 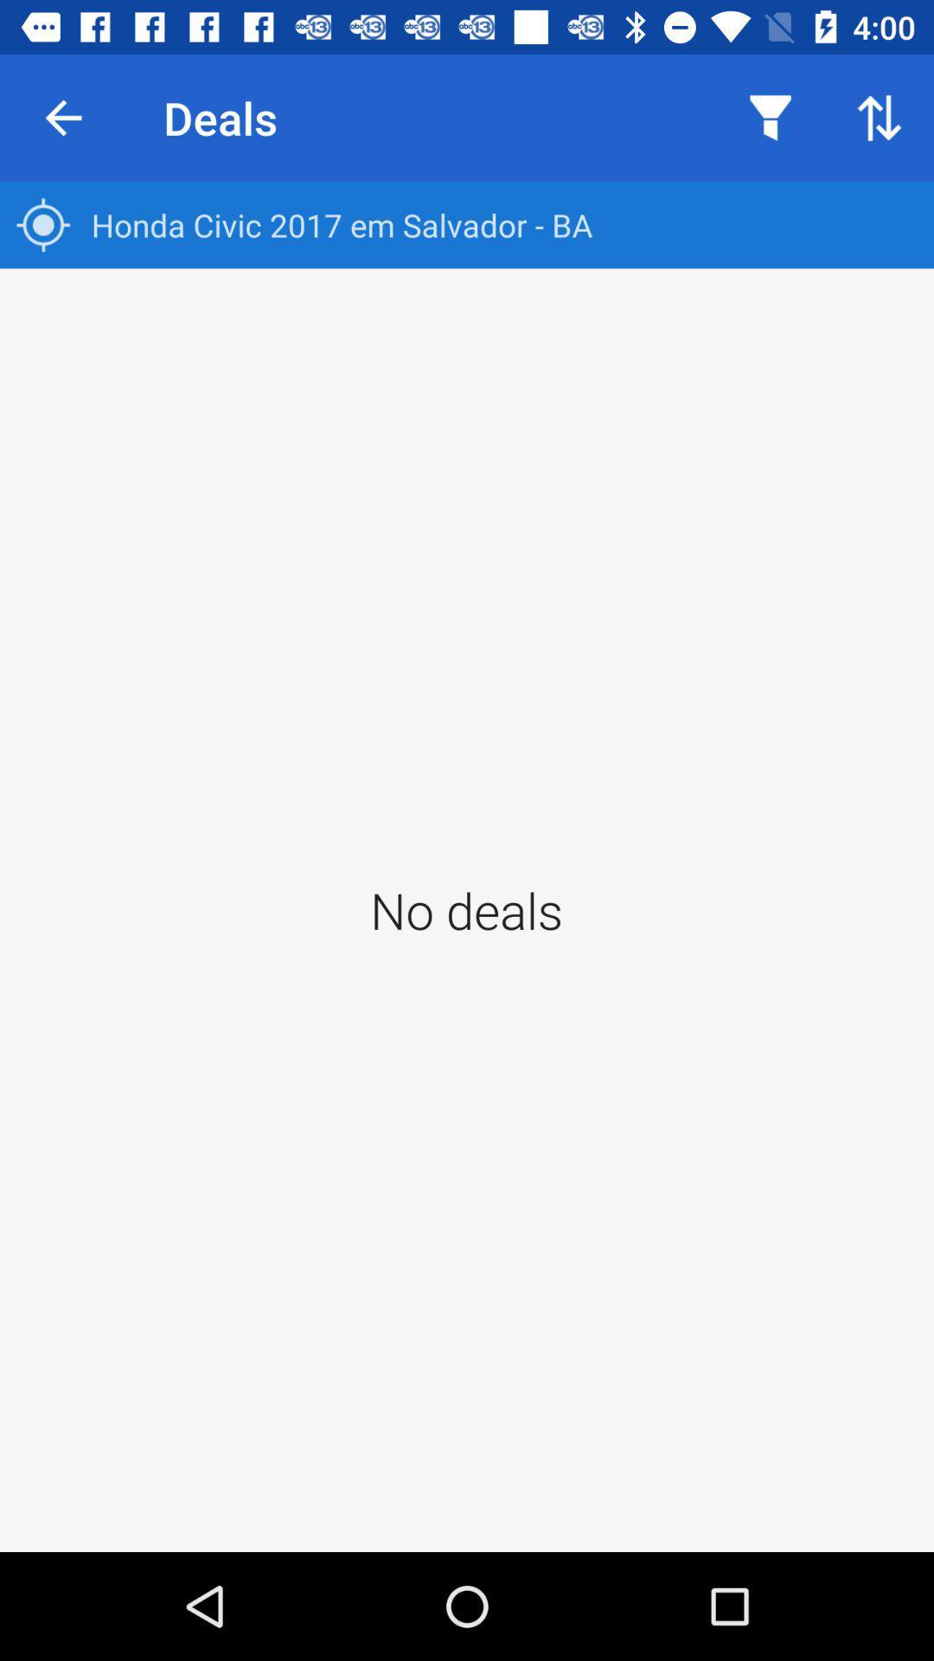 What do you see at coordinates (770, 117) in the screenshot?
I see `the icon to the right of deals icon` at bounding box center [770, 117].